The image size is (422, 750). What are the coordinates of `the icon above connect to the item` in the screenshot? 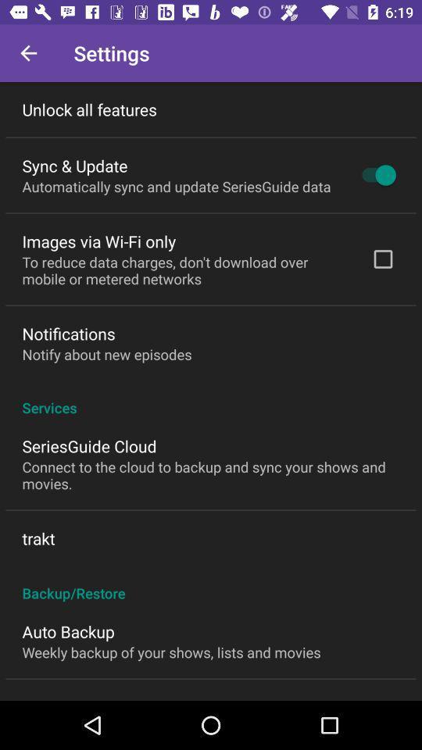 It's located at (89, 446).